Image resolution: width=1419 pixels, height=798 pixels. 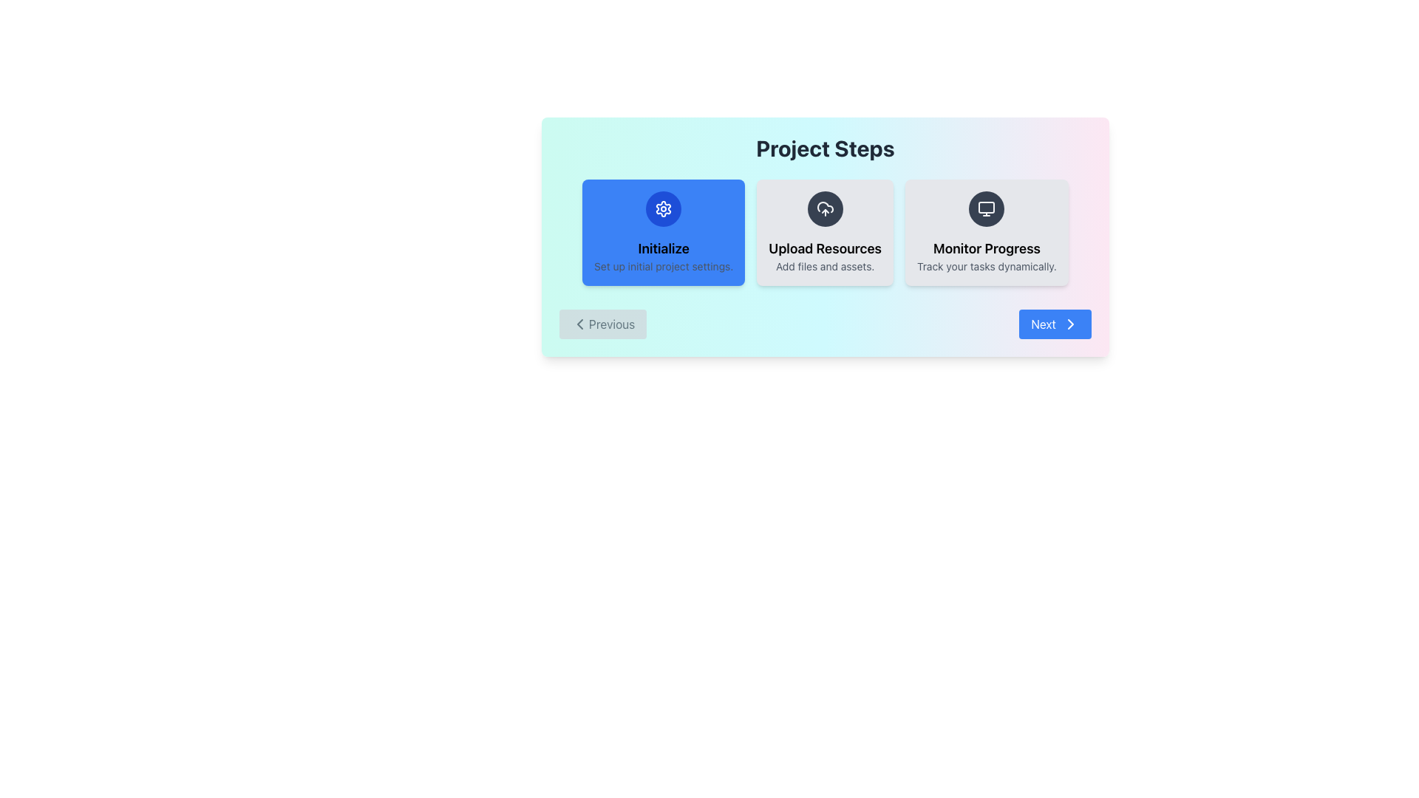 What do you see at coordinates (663, 248) in the screenshot?
I see `the 'Initialize' label, which is the primary label in the top position of the first blue card in the 'Project Steps' process` at bounding box center [663, 248].